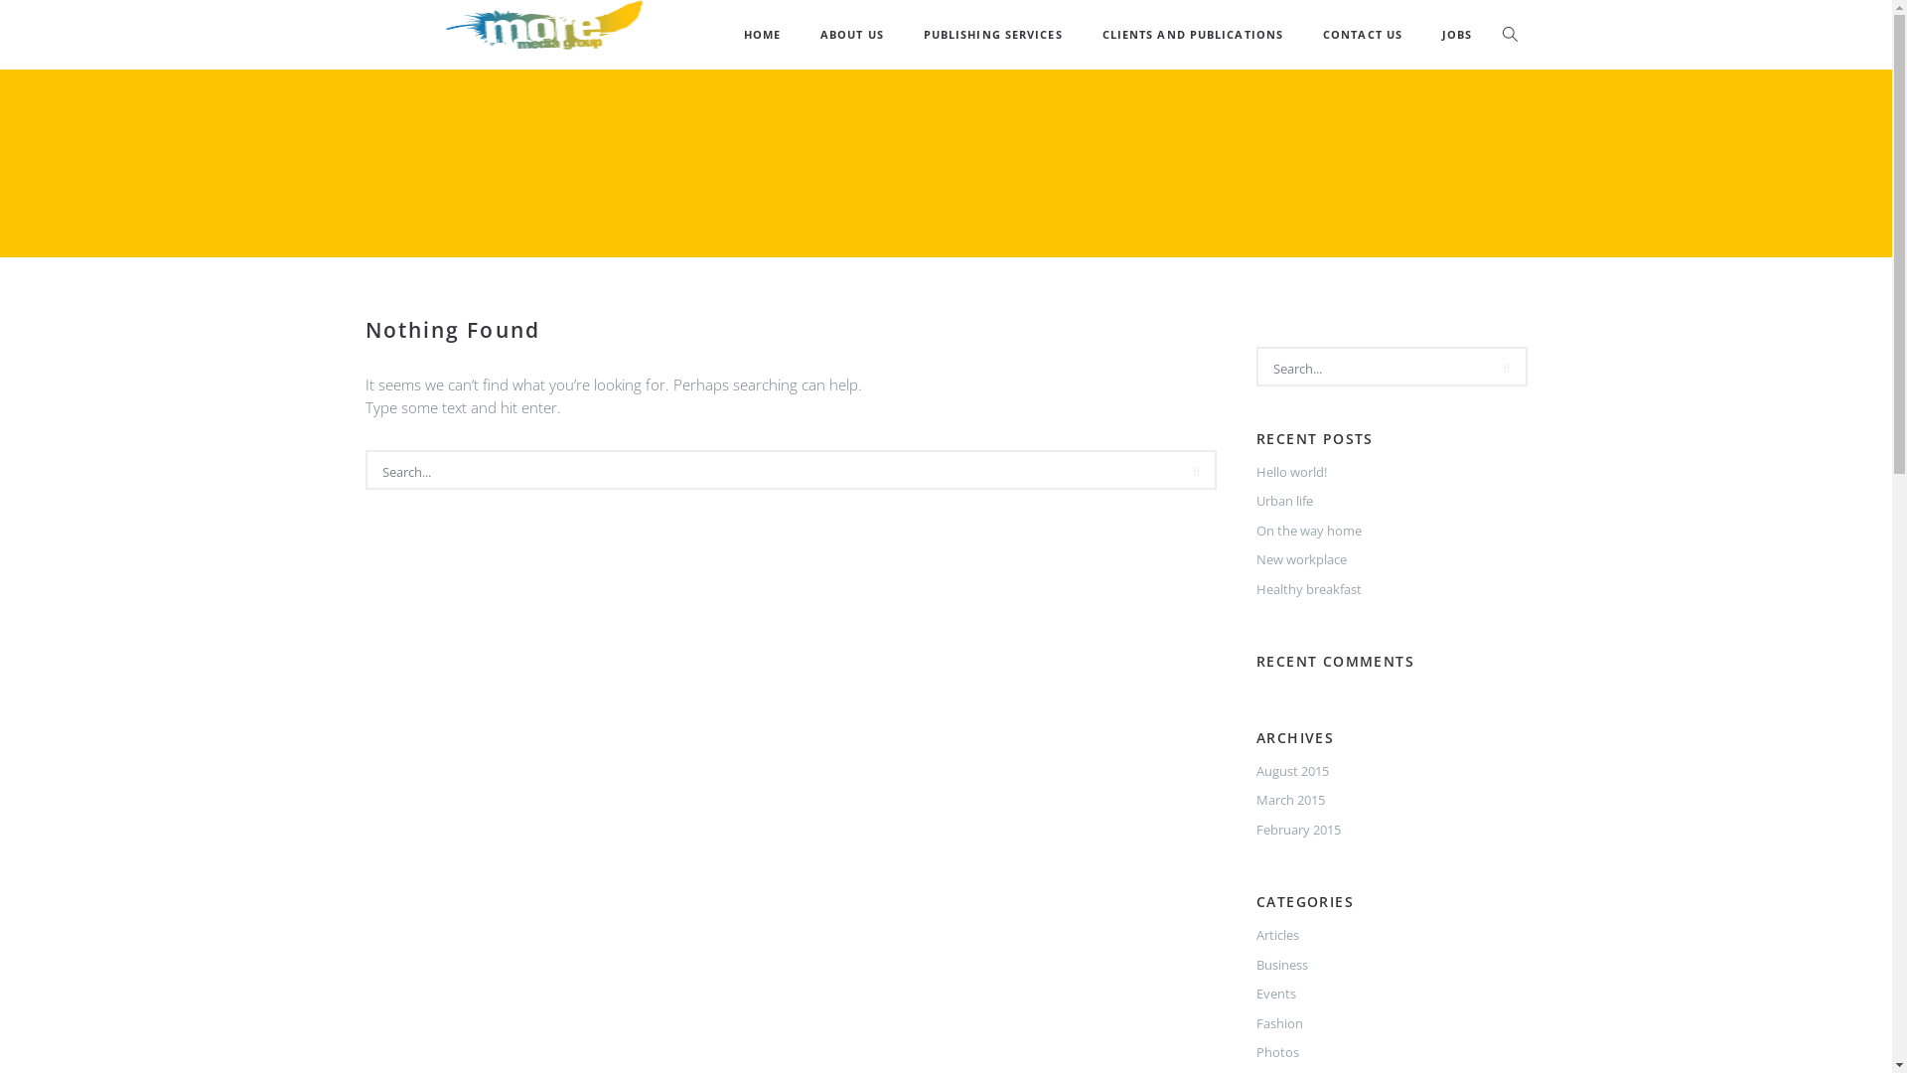  Describe the element at coordinates (1284, 500) in the screenshot. I see `'Urban life'` at that location.